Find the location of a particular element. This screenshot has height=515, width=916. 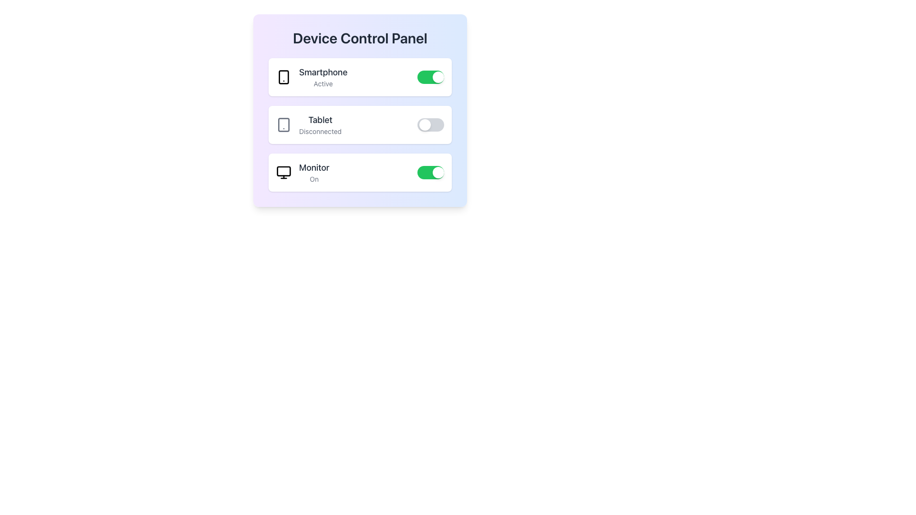

the status indicator text label for the 'Monitor' device located beneath the title 'Monitor' within the control panel is located at coordinates (314, 179).